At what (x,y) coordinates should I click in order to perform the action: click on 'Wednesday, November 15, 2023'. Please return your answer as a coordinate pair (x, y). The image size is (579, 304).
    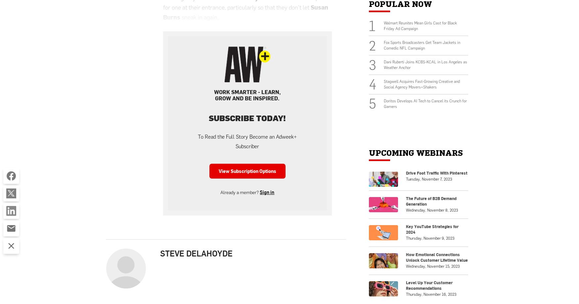
    Looking at the image, I should click on (432, 265).